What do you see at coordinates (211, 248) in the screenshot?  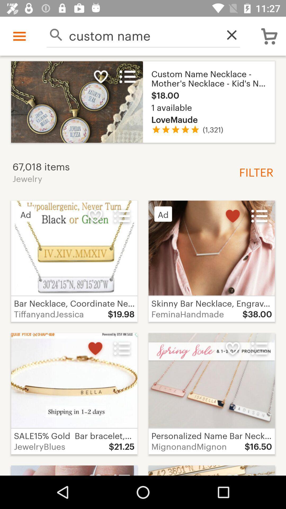 I see `the image below filter` at bounding box center [211, 248].